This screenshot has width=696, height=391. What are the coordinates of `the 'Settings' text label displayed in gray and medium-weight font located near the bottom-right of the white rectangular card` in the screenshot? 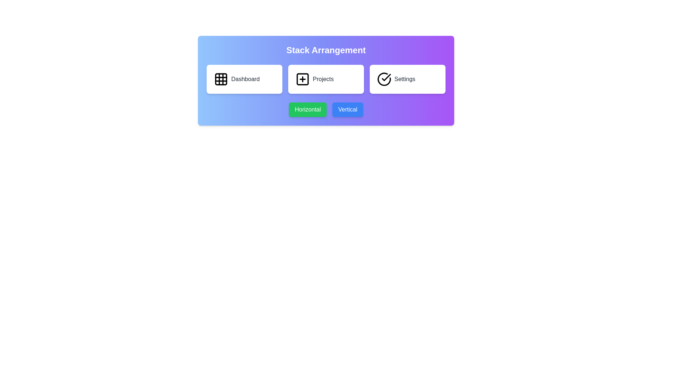 It's located at (404, 79).